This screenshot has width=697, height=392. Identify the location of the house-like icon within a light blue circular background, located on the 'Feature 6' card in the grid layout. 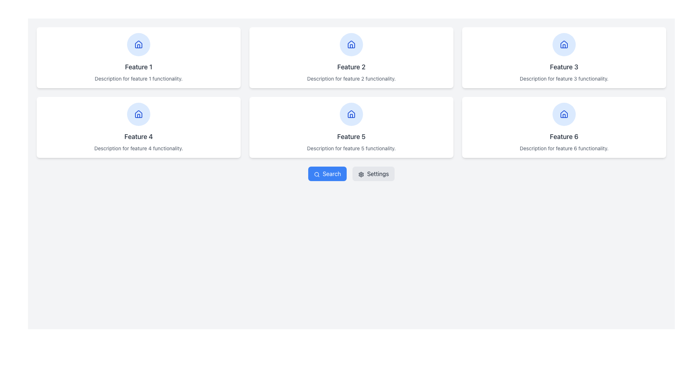
(564, 114).